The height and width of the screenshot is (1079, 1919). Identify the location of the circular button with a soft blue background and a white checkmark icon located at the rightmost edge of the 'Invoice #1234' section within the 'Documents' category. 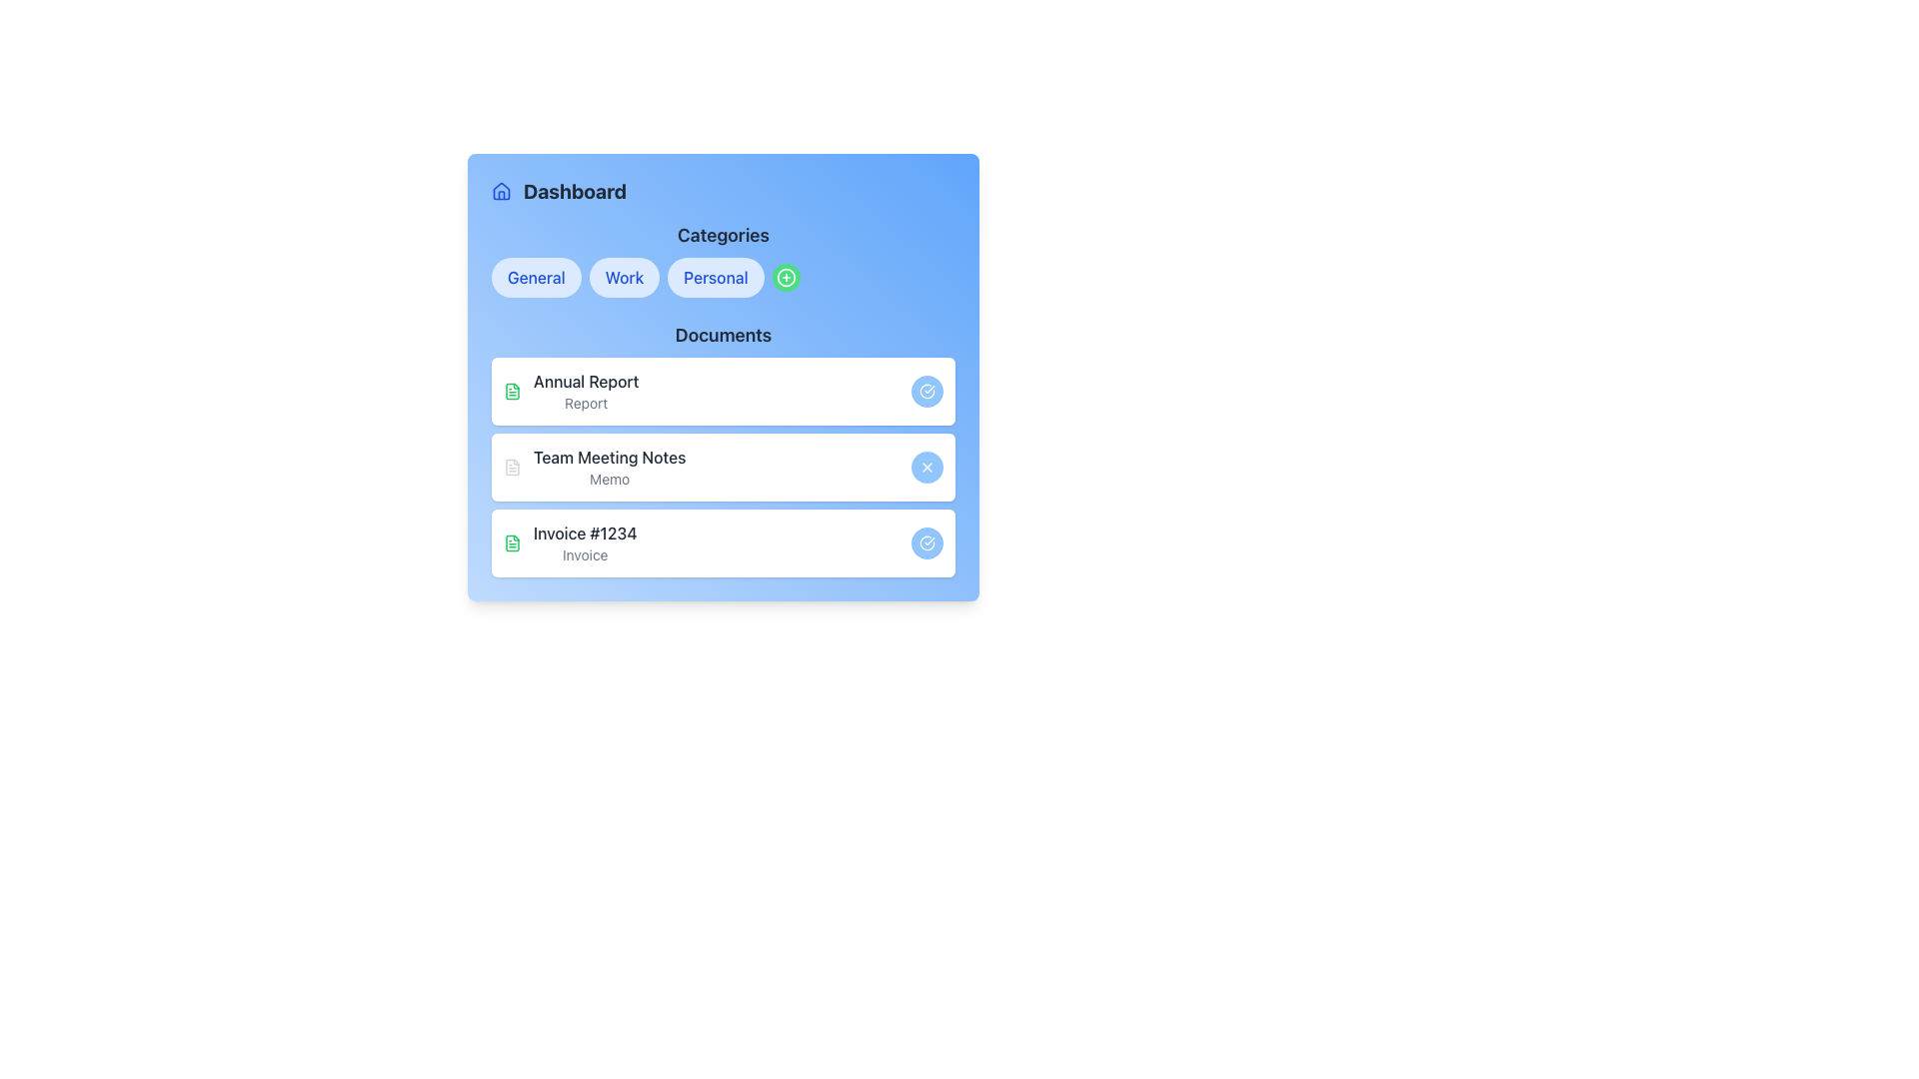
(926, 542).